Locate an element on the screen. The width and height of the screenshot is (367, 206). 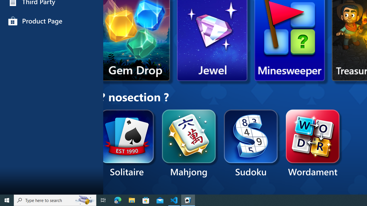
'Sudoku' is located at coordinates (251, 143).